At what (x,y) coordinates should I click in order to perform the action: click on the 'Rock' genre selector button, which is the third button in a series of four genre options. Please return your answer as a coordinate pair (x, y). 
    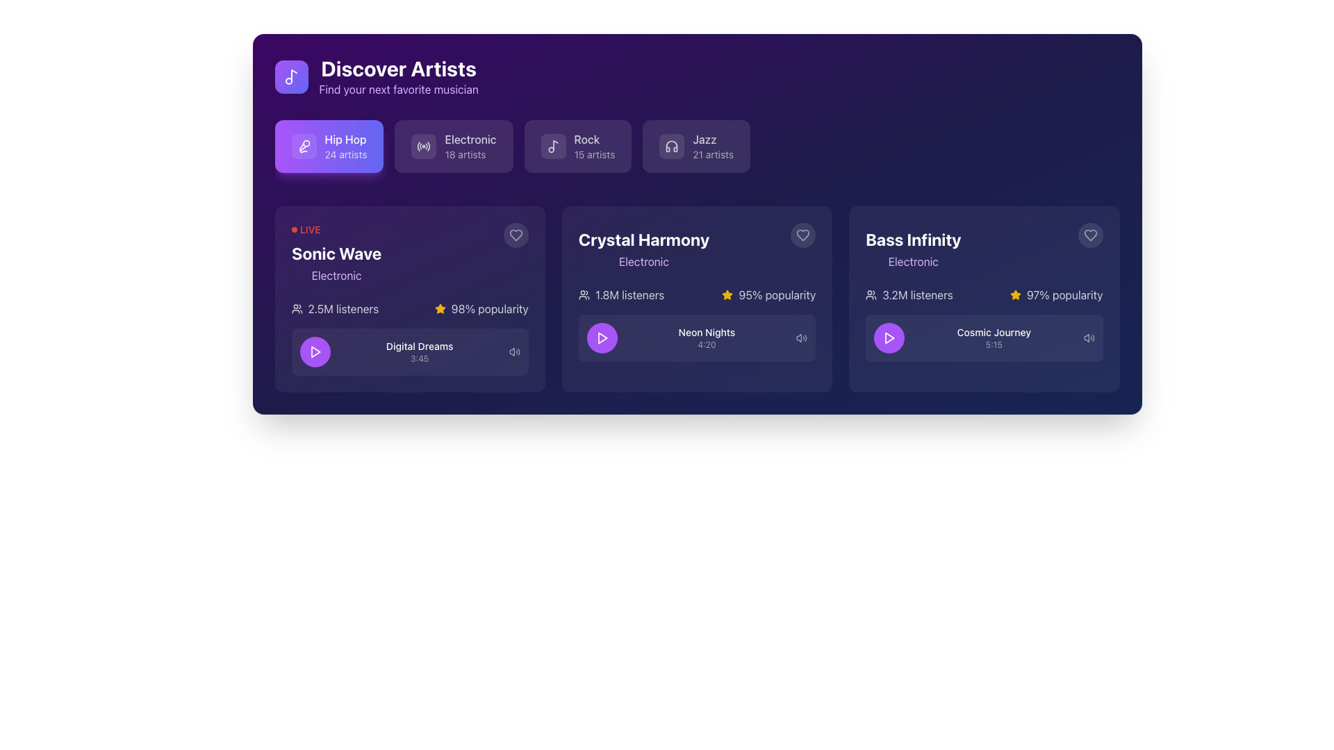
    Looking at the image, I should click on (577, 147).